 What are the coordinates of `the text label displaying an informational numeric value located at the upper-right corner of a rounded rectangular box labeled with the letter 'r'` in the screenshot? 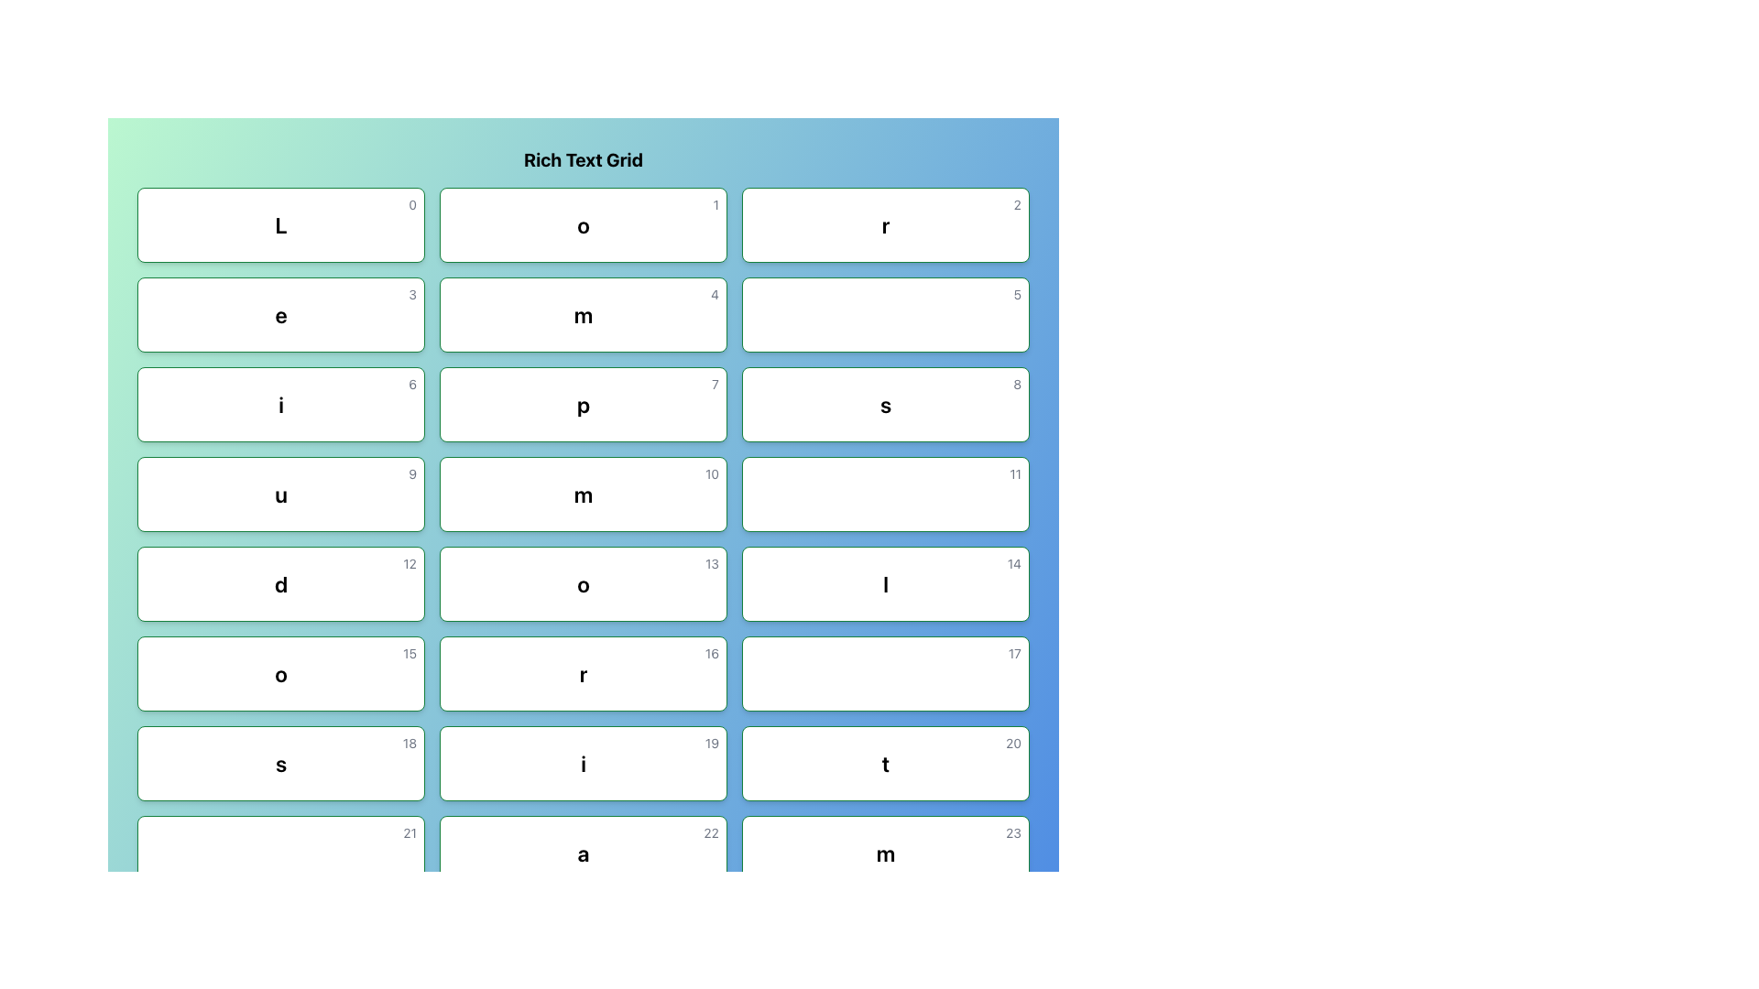 It's located at (711, 652).